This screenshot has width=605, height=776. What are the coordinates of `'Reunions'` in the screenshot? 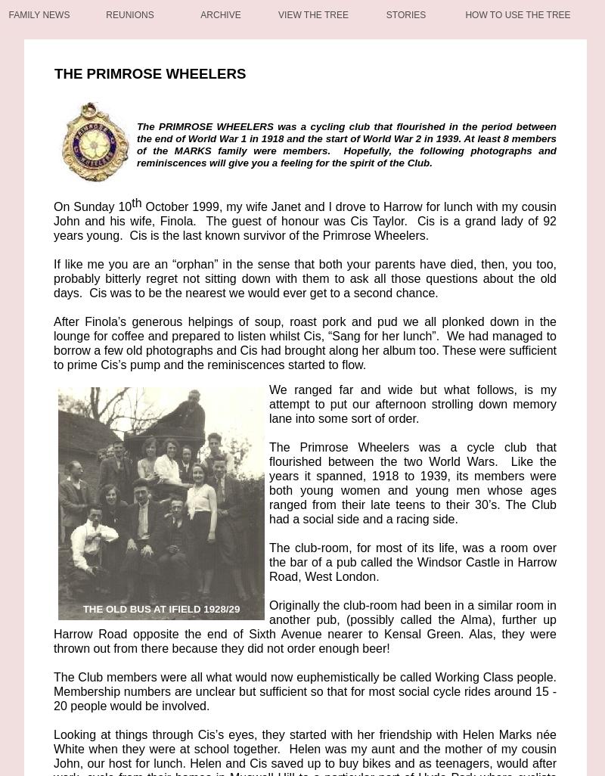 It's located at (129, 15).